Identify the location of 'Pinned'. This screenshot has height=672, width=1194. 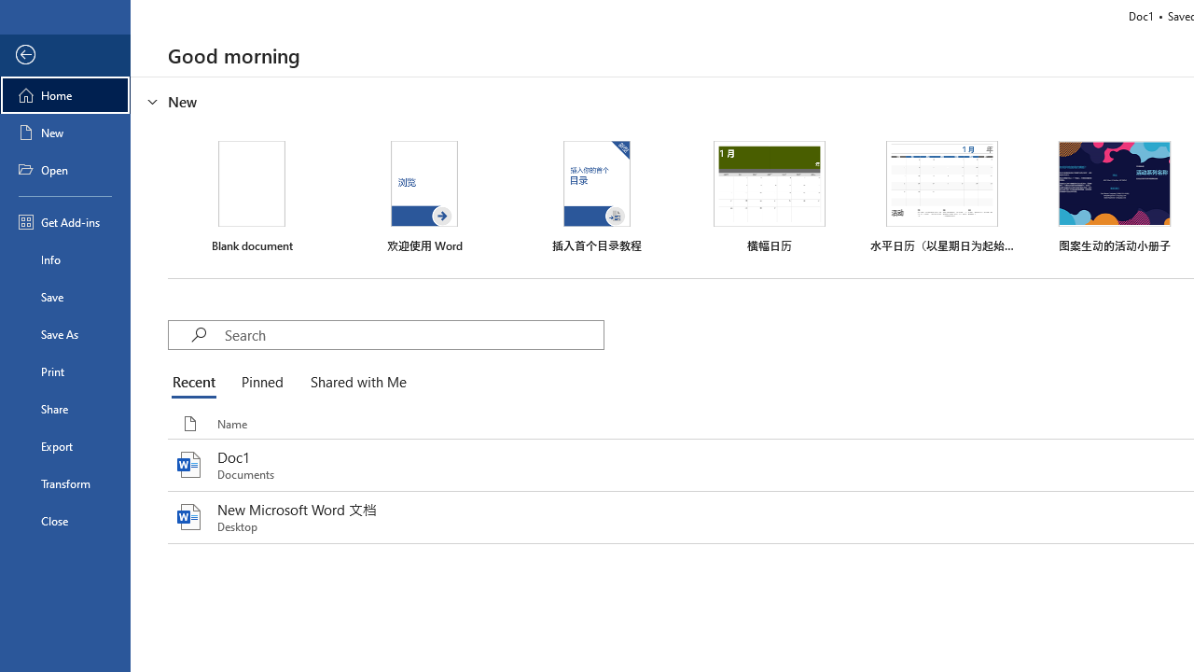
(260, 383).